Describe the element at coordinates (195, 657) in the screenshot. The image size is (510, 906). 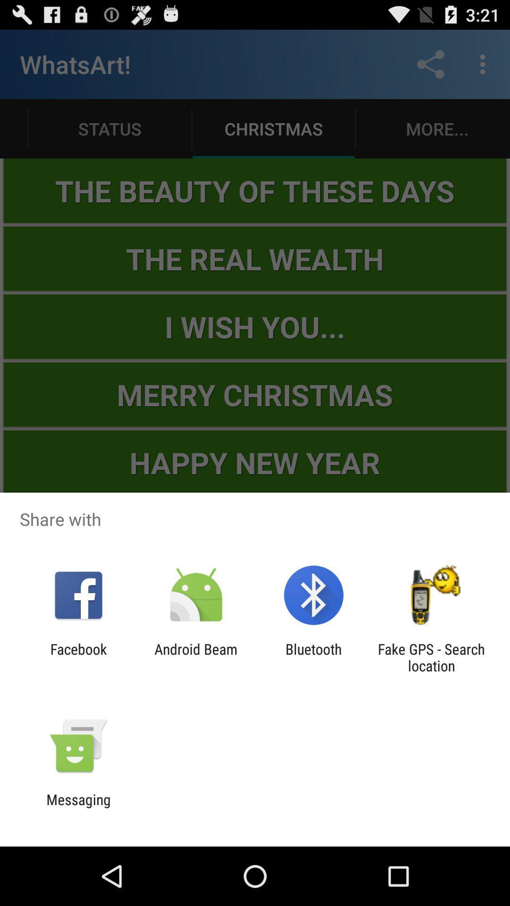
I see `icon to the right of the facebook item` at that location.